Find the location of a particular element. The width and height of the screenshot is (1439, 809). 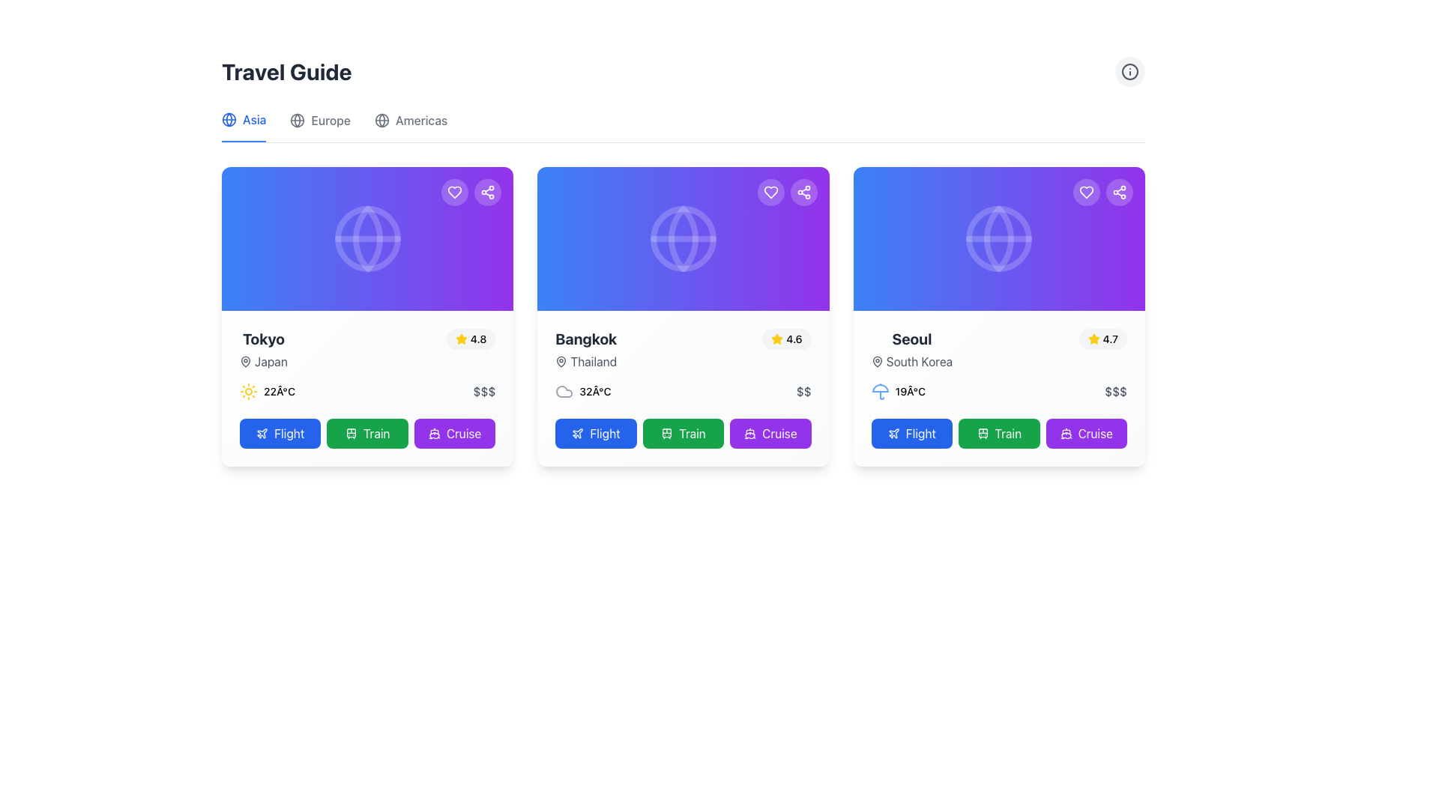

the numeric rating text '4.8' located next to the star graphic in the 'Tokyo' card, which is styled with a light-gray background and rounded corners is located at coordinates (477, 339).